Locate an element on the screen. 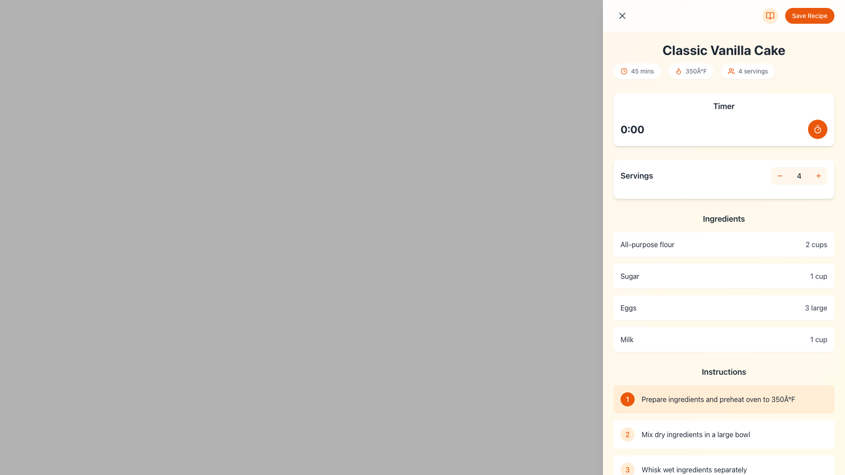 The height and width of the screenshot is (475, 845). the Timer display, which shows a timer value ('0:00') and is located within a white card labeled 'Timer' is located at coordinates (724, 129).